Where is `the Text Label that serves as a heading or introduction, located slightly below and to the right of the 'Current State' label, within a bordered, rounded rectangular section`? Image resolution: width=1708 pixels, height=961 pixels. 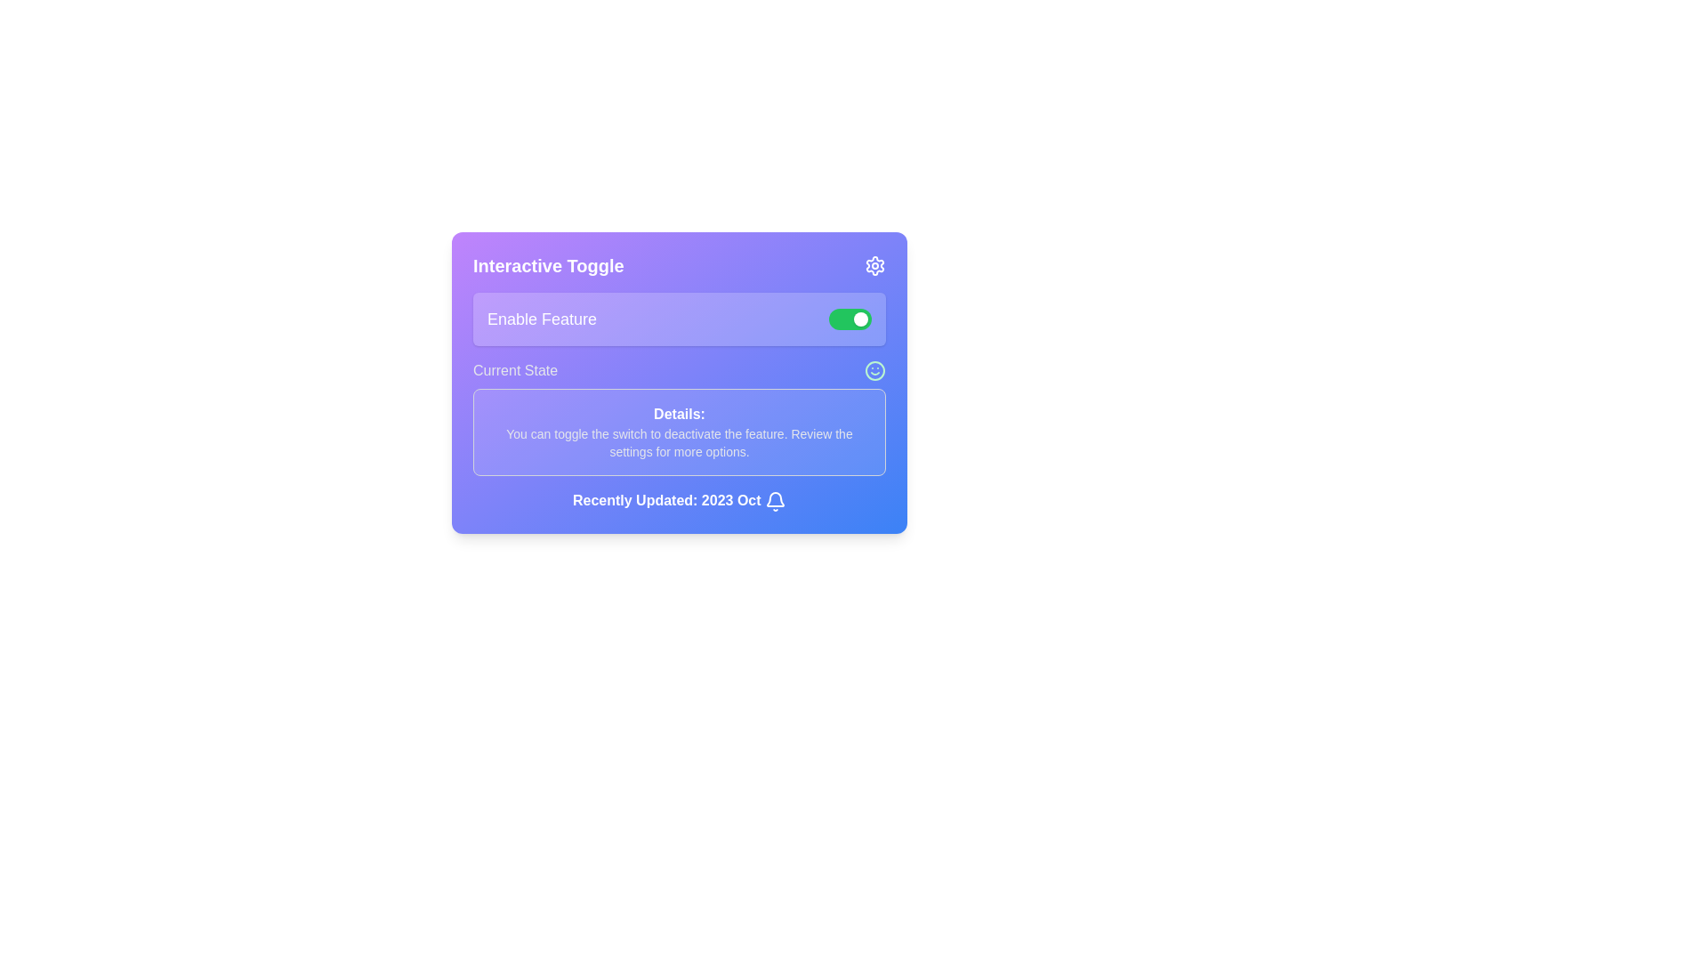
the Text Label that serves as a heading or introduction, located slightly below and to the right of the 'Current State' label, within a bordered, rounded rectangular section is located at coordinates (678, 414).